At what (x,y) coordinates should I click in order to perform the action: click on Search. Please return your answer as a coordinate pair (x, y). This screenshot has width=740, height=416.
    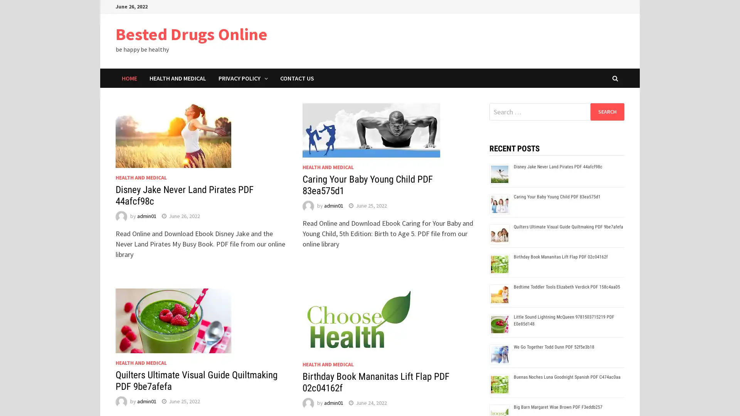
    Looking at the image, I should click on (607, 111).